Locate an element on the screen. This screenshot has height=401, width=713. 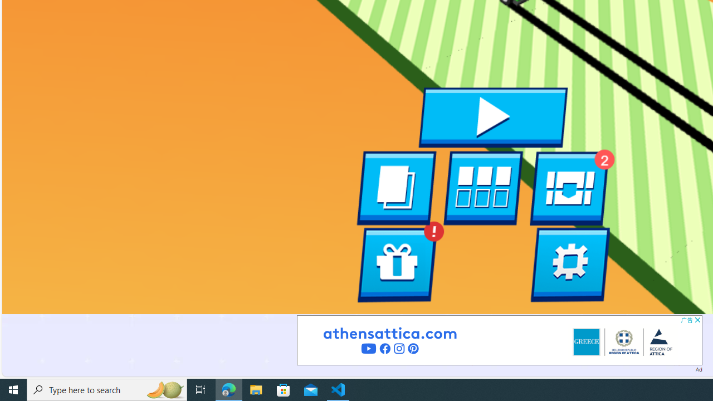
'Ad' is located at coordinates (698, 369).